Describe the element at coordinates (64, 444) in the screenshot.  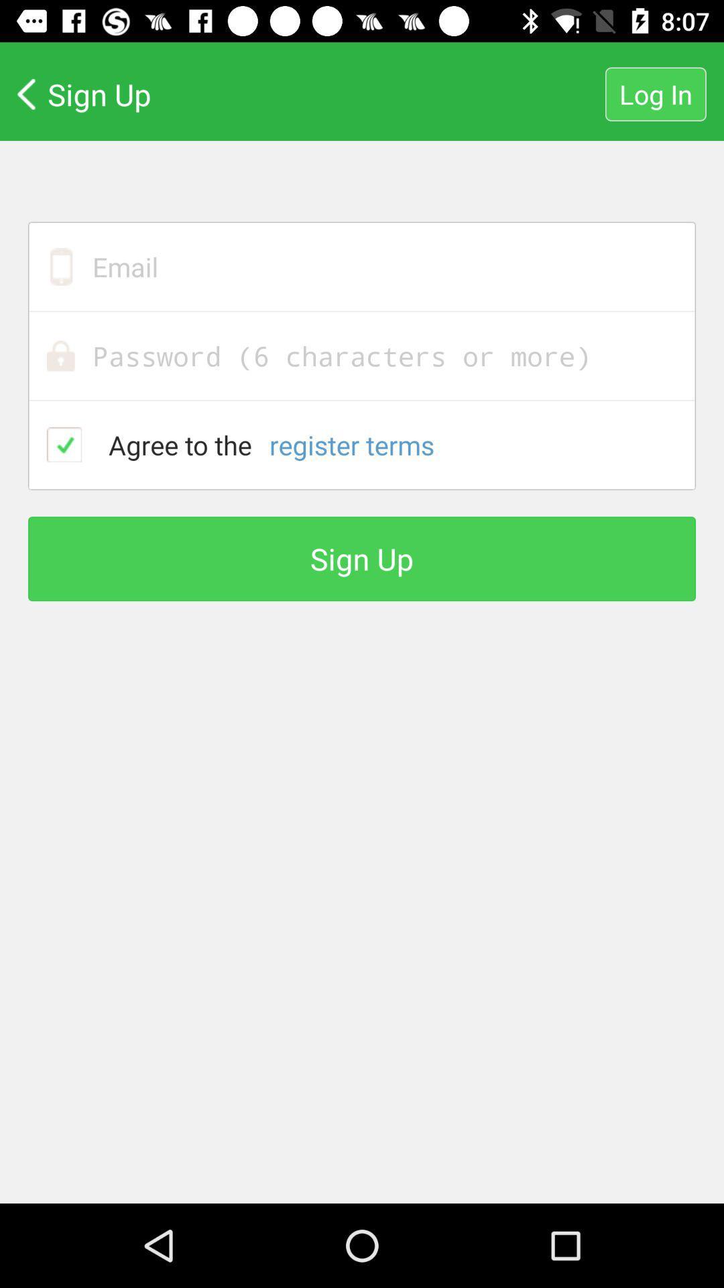
I see `the option to agree to the register terms` at that location.